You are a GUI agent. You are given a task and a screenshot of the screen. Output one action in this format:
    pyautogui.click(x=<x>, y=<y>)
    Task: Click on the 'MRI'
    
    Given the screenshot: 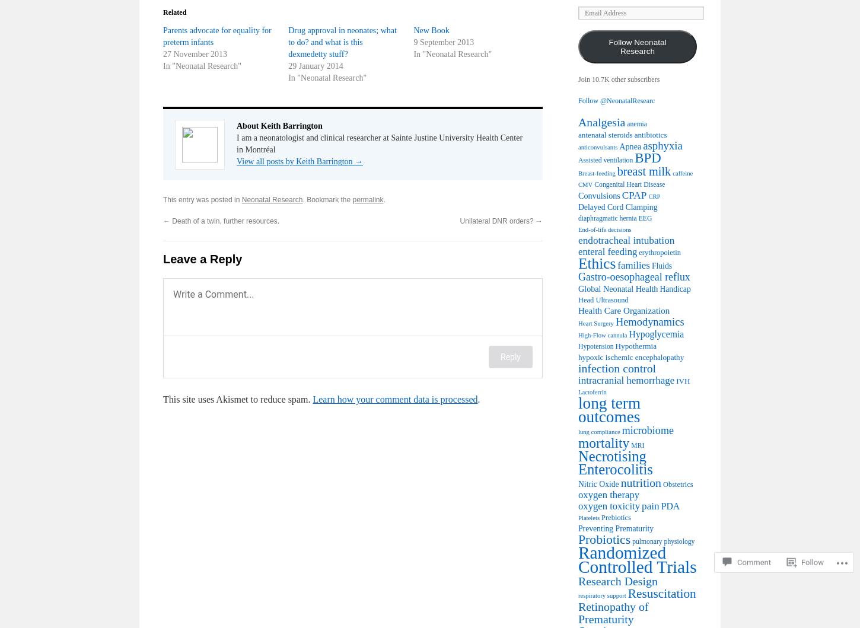 What is the action you would take?
    pyautogui.click(x=631, y=445)
    